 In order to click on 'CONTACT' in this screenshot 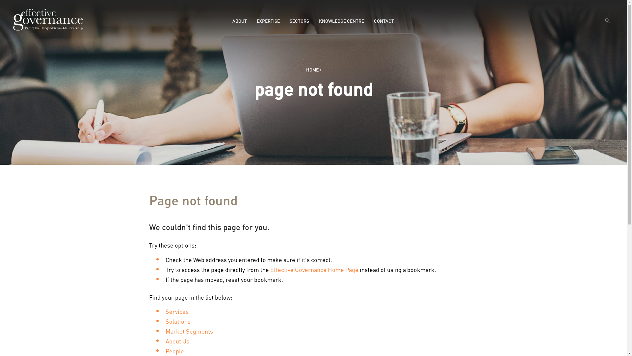, I will do `click(384, 20)`.